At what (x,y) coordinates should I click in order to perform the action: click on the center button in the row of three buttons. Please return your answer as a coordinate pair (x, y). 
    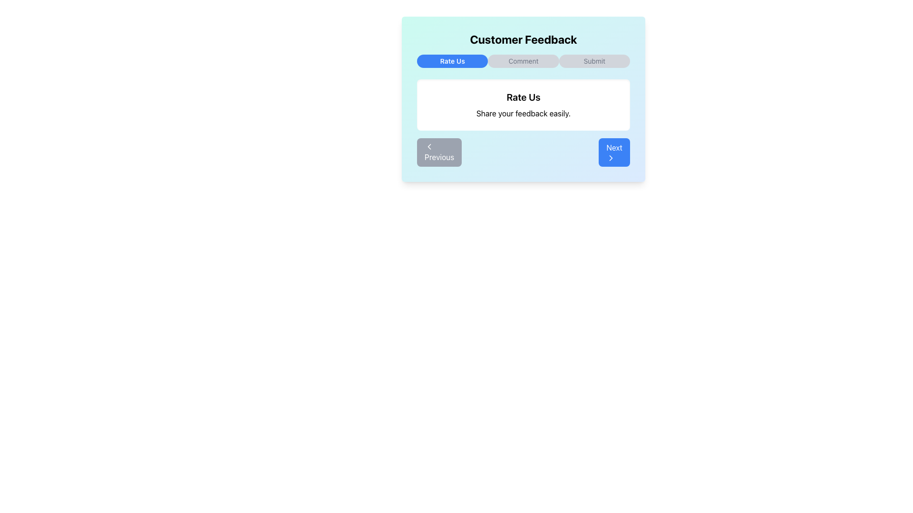
    Looking at the image, I should click on (523, 61).